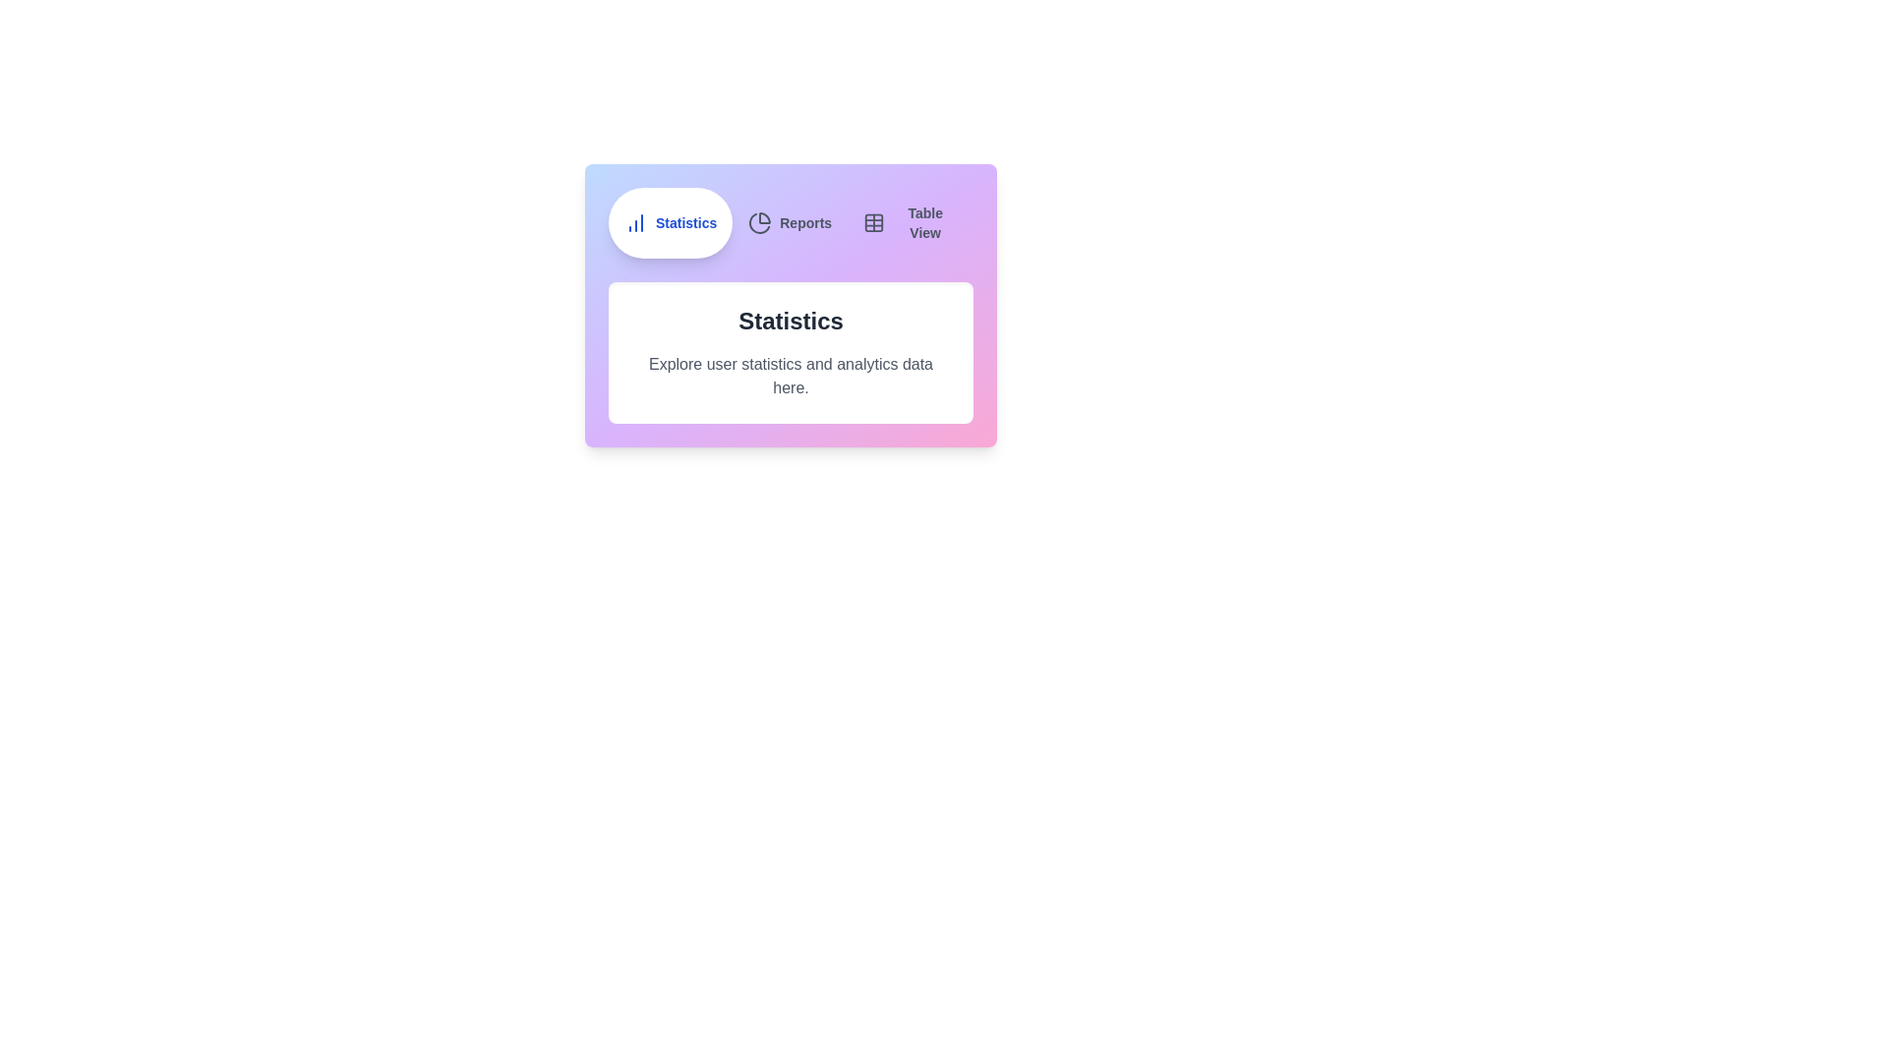 This screenshot has width=1888, height=1062. I want to click on the icon of the tab labeled Table View, so click(872, 222).